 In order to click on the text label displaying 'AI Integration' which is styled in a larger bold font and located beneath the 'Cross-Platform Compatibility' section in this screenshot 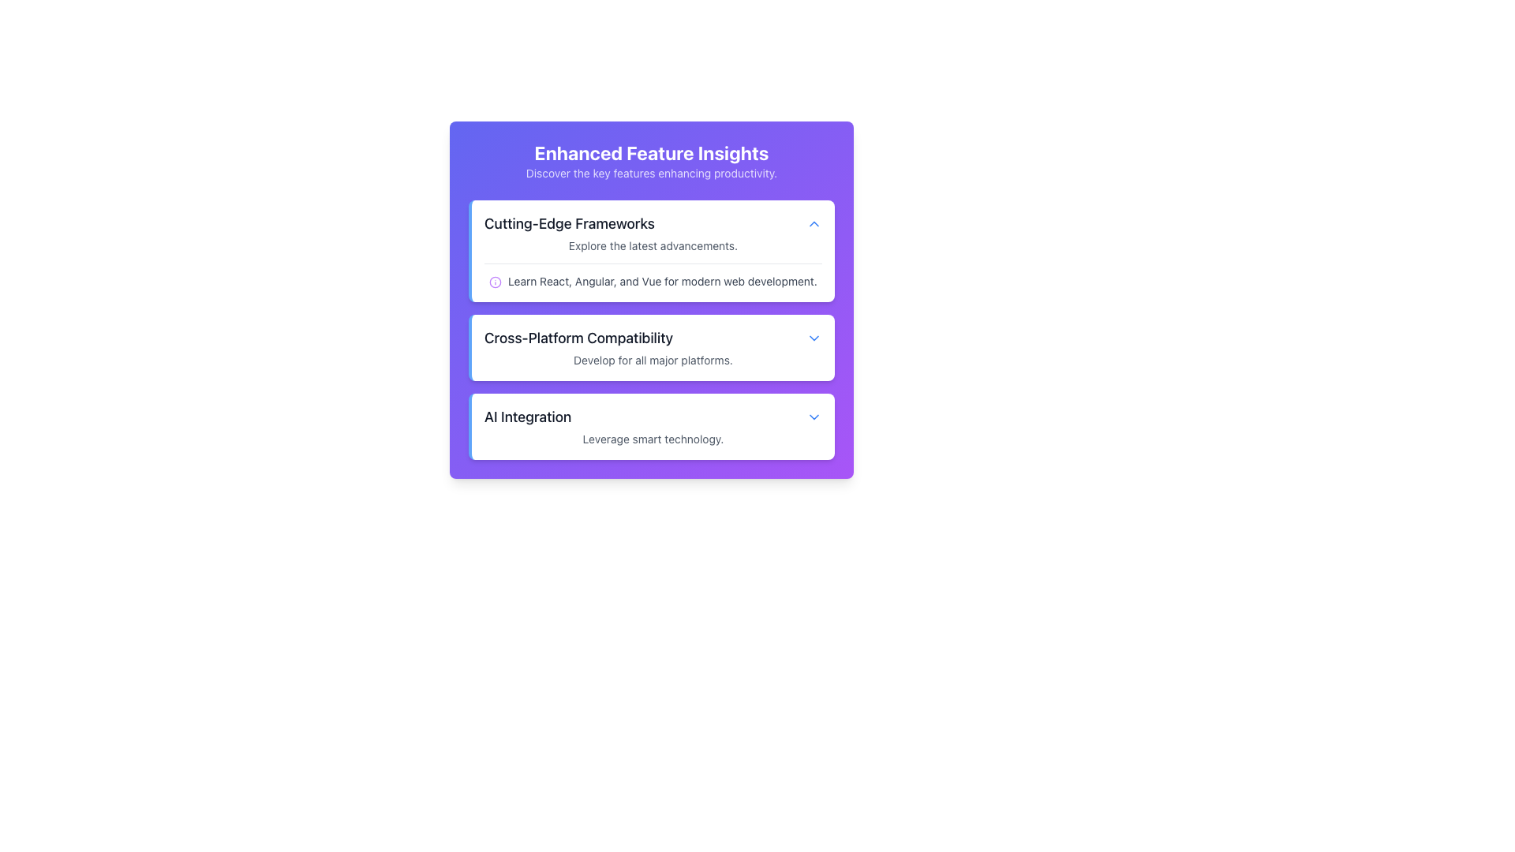, I will do `click(528, 416)`.